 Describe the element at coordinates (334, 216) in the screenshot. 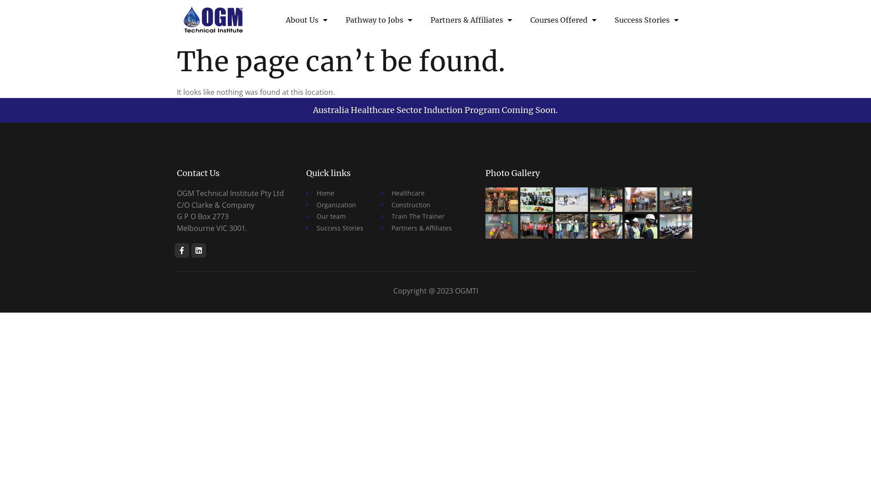

I see `'Our team'` at that location.